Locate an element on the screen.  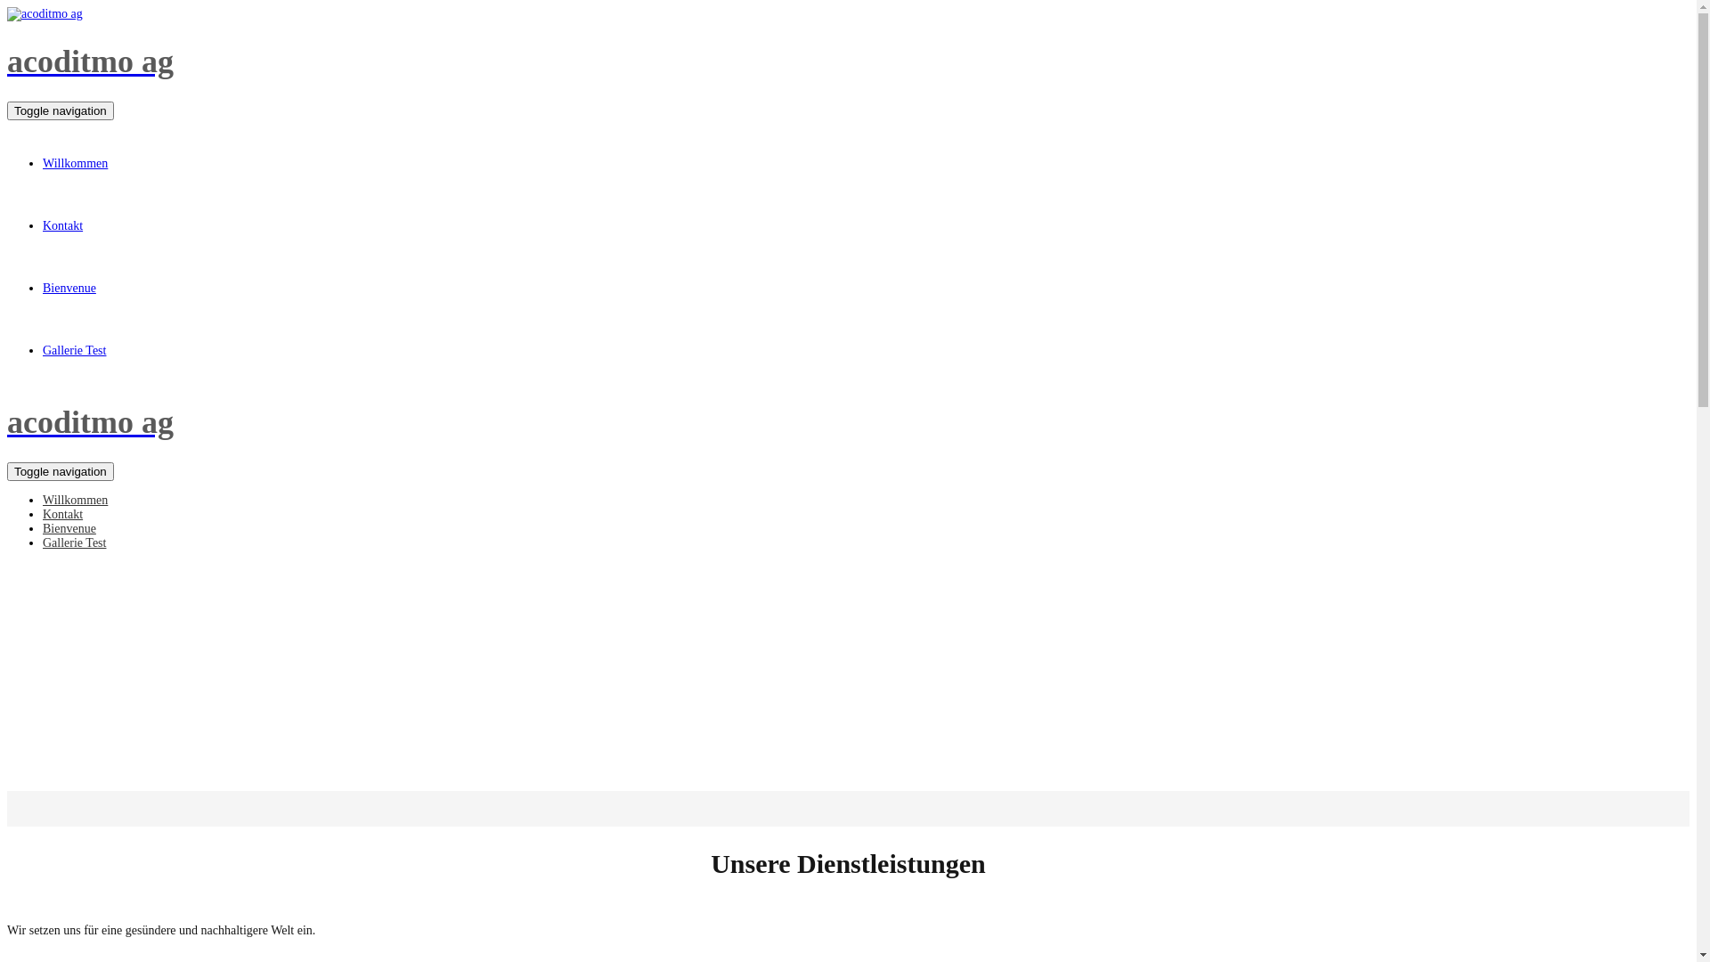
'Kontakt' is located at coordinates (62, 225).